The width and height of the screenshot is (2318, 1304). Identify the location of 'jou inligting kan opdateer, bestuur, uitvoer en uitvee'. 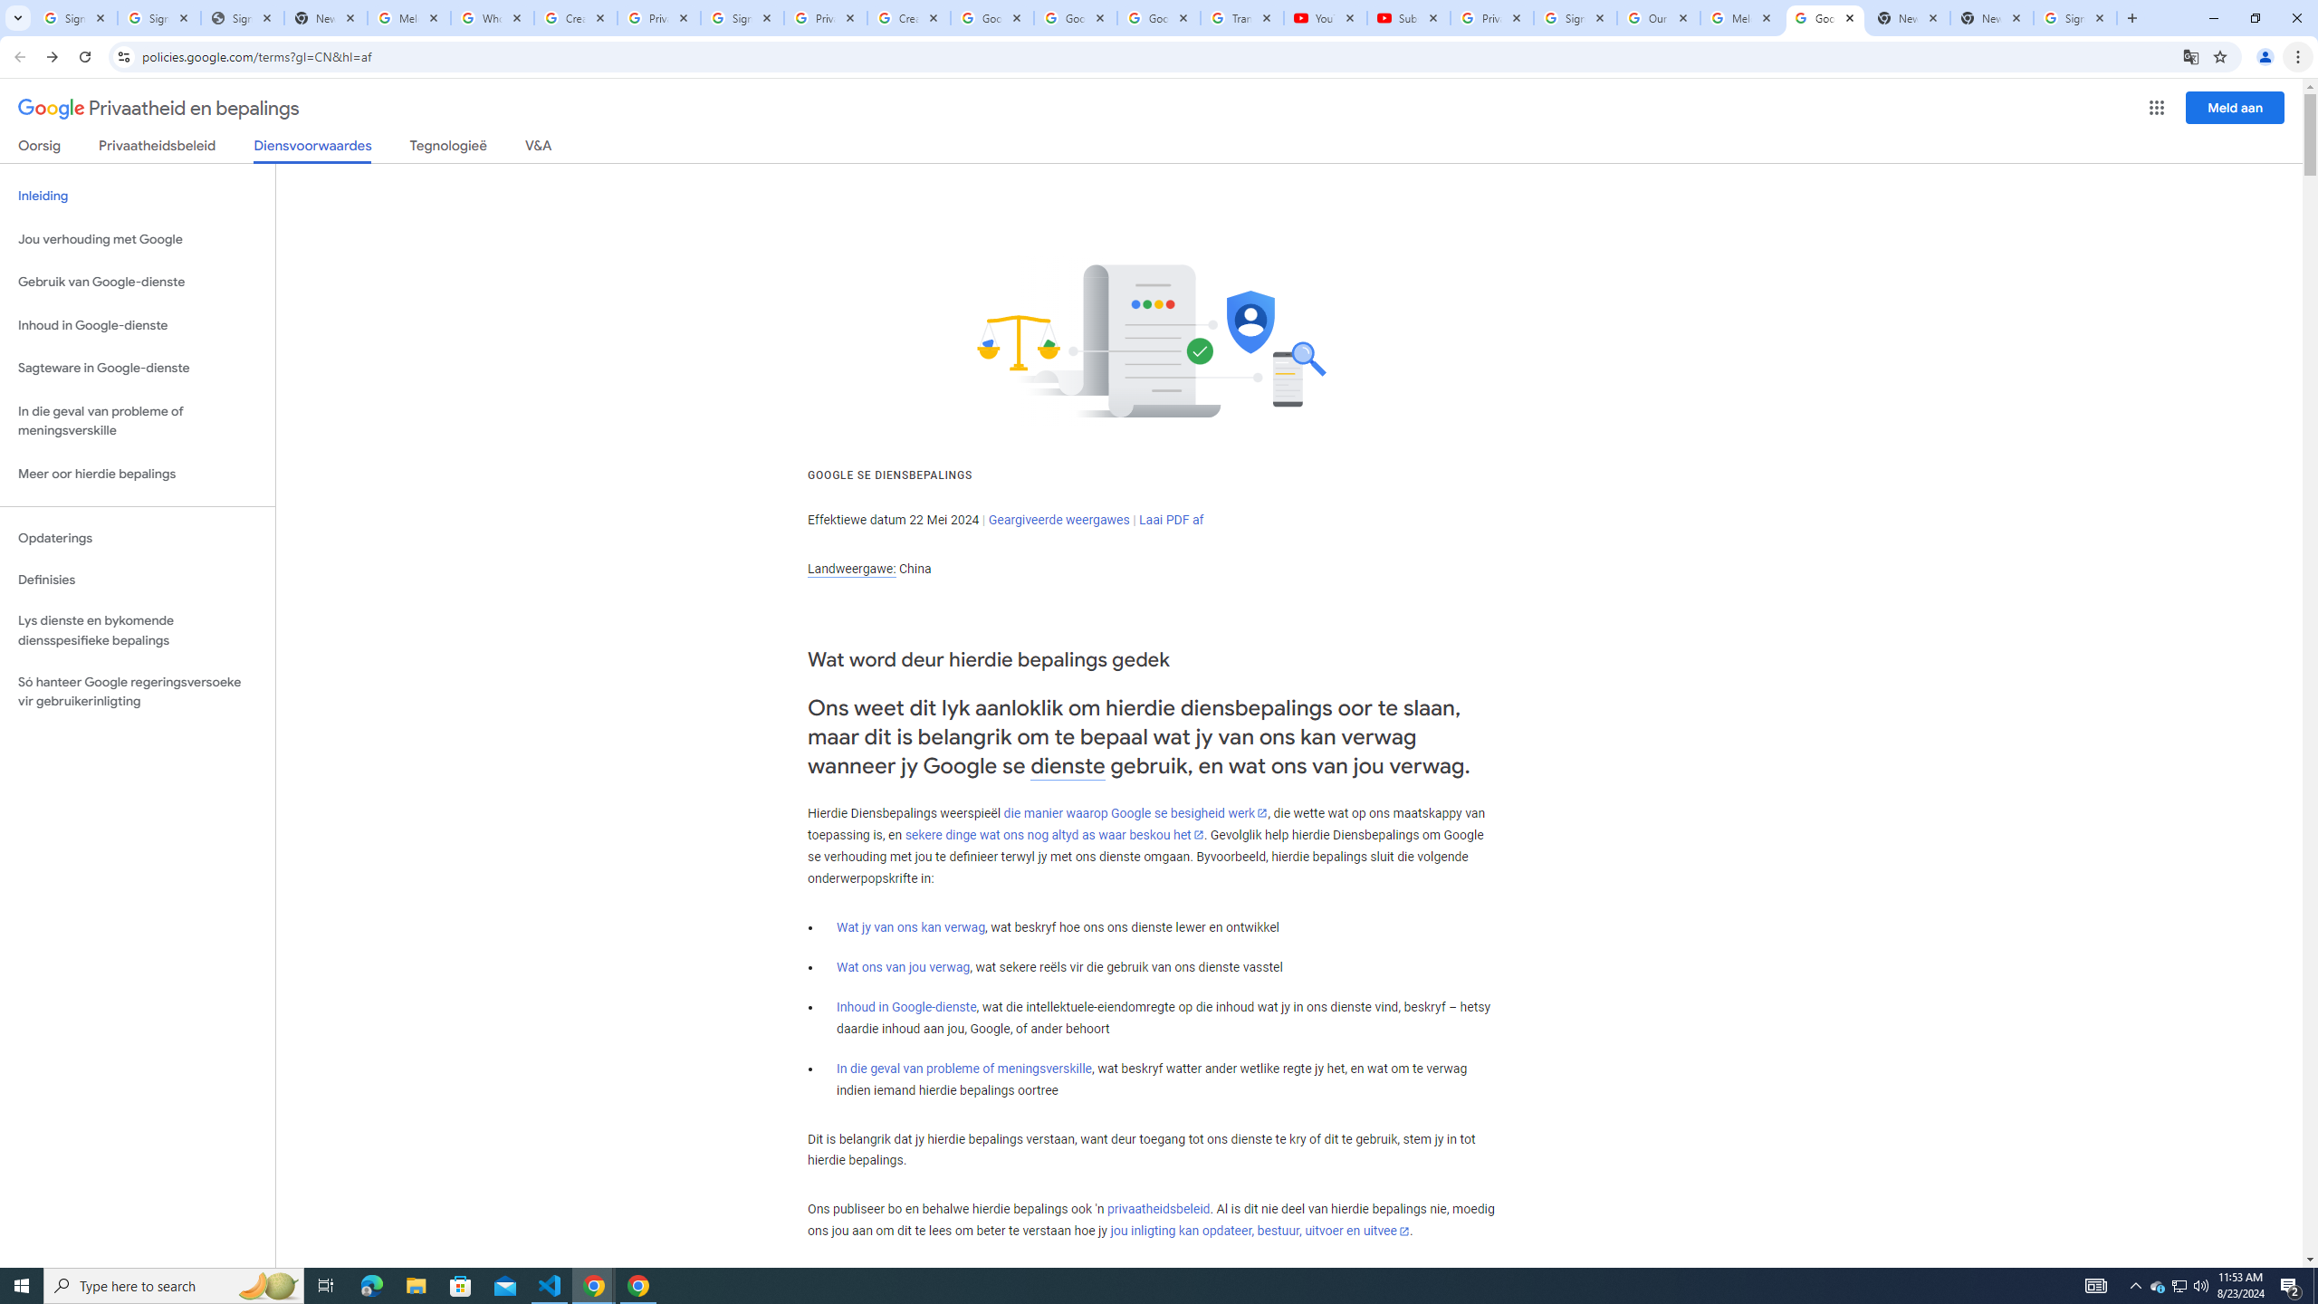
(1259, 1231).